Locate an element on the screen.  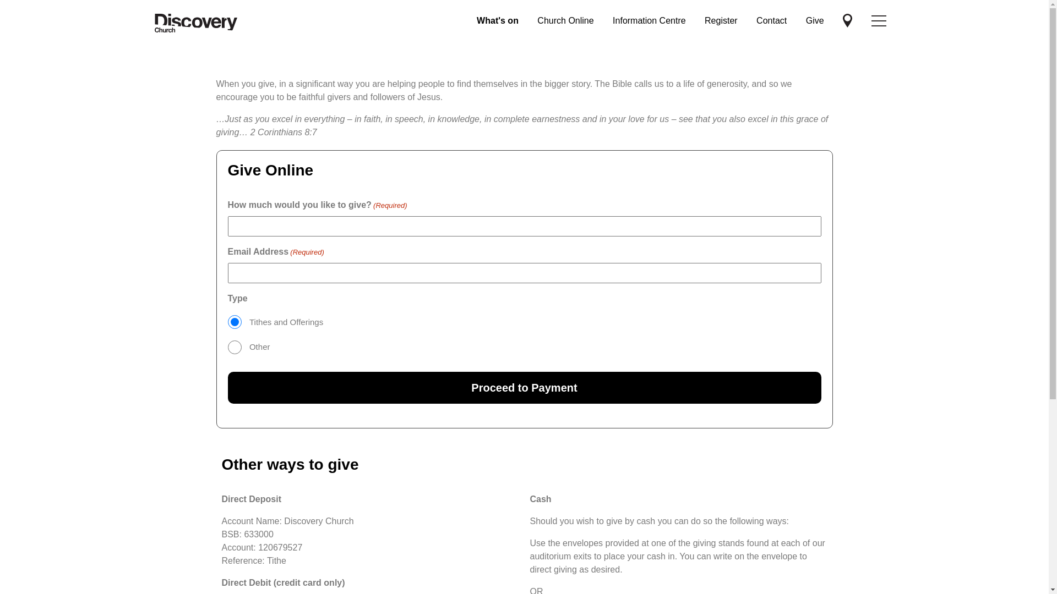
'Give' is located at coordinates (815, 20).